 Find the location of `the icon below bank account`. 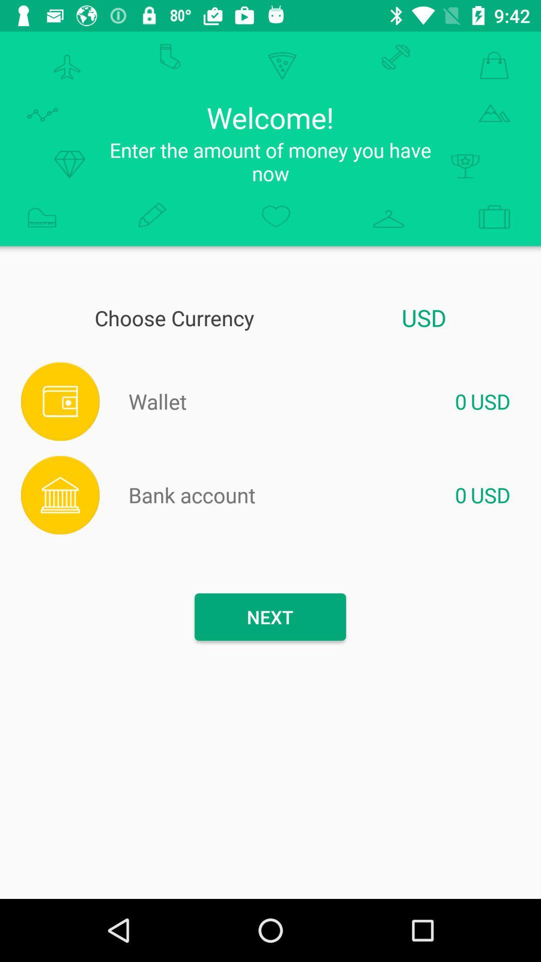

the icon below bank account is located at coordinates (269, 616).